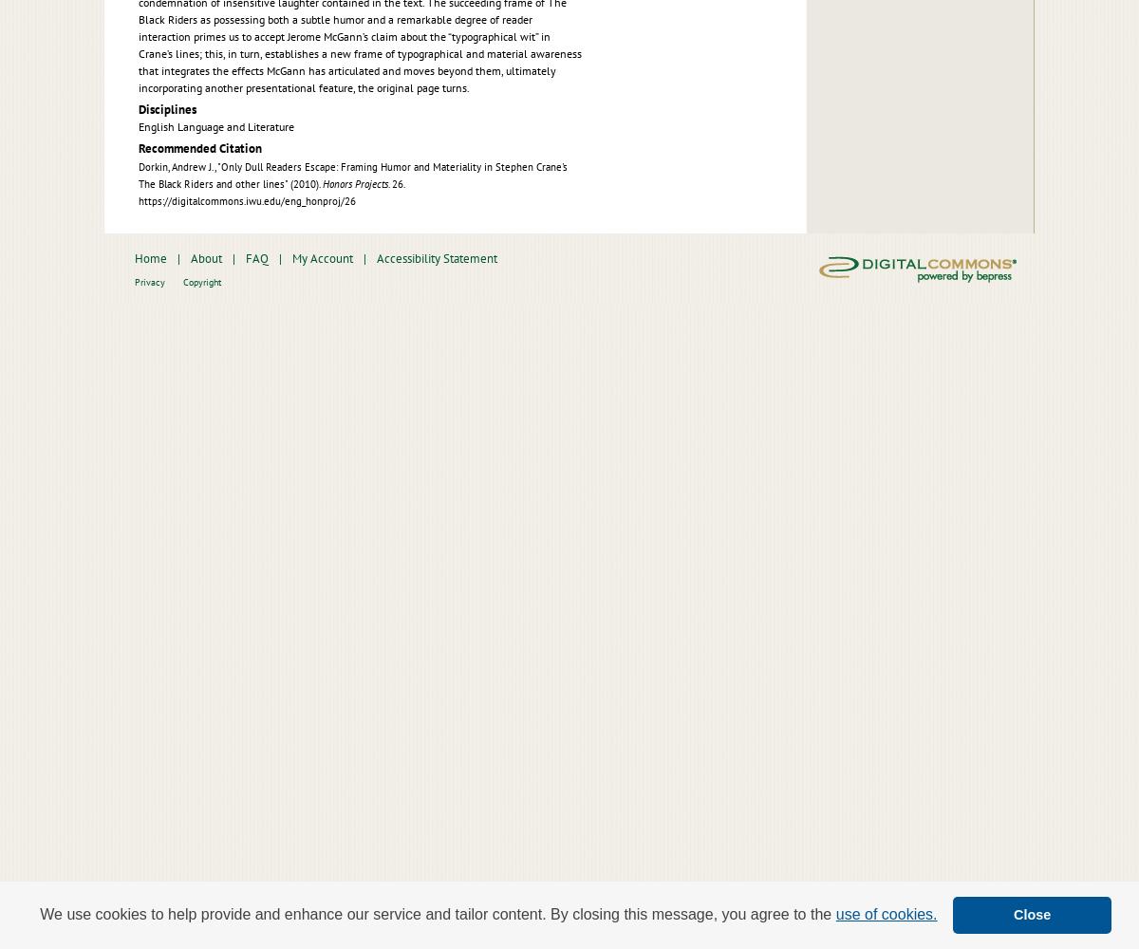 This screenshot has height=949, width=1139. Describe the element at coordinates (139, 175) in the screenshot. I see `'Dorkin, Andrew J., "Only Dull Readers Escape:  Framing Humor and Materiality in Stephen Crane's The Black Riders and other lines" (2010).'` at that location.